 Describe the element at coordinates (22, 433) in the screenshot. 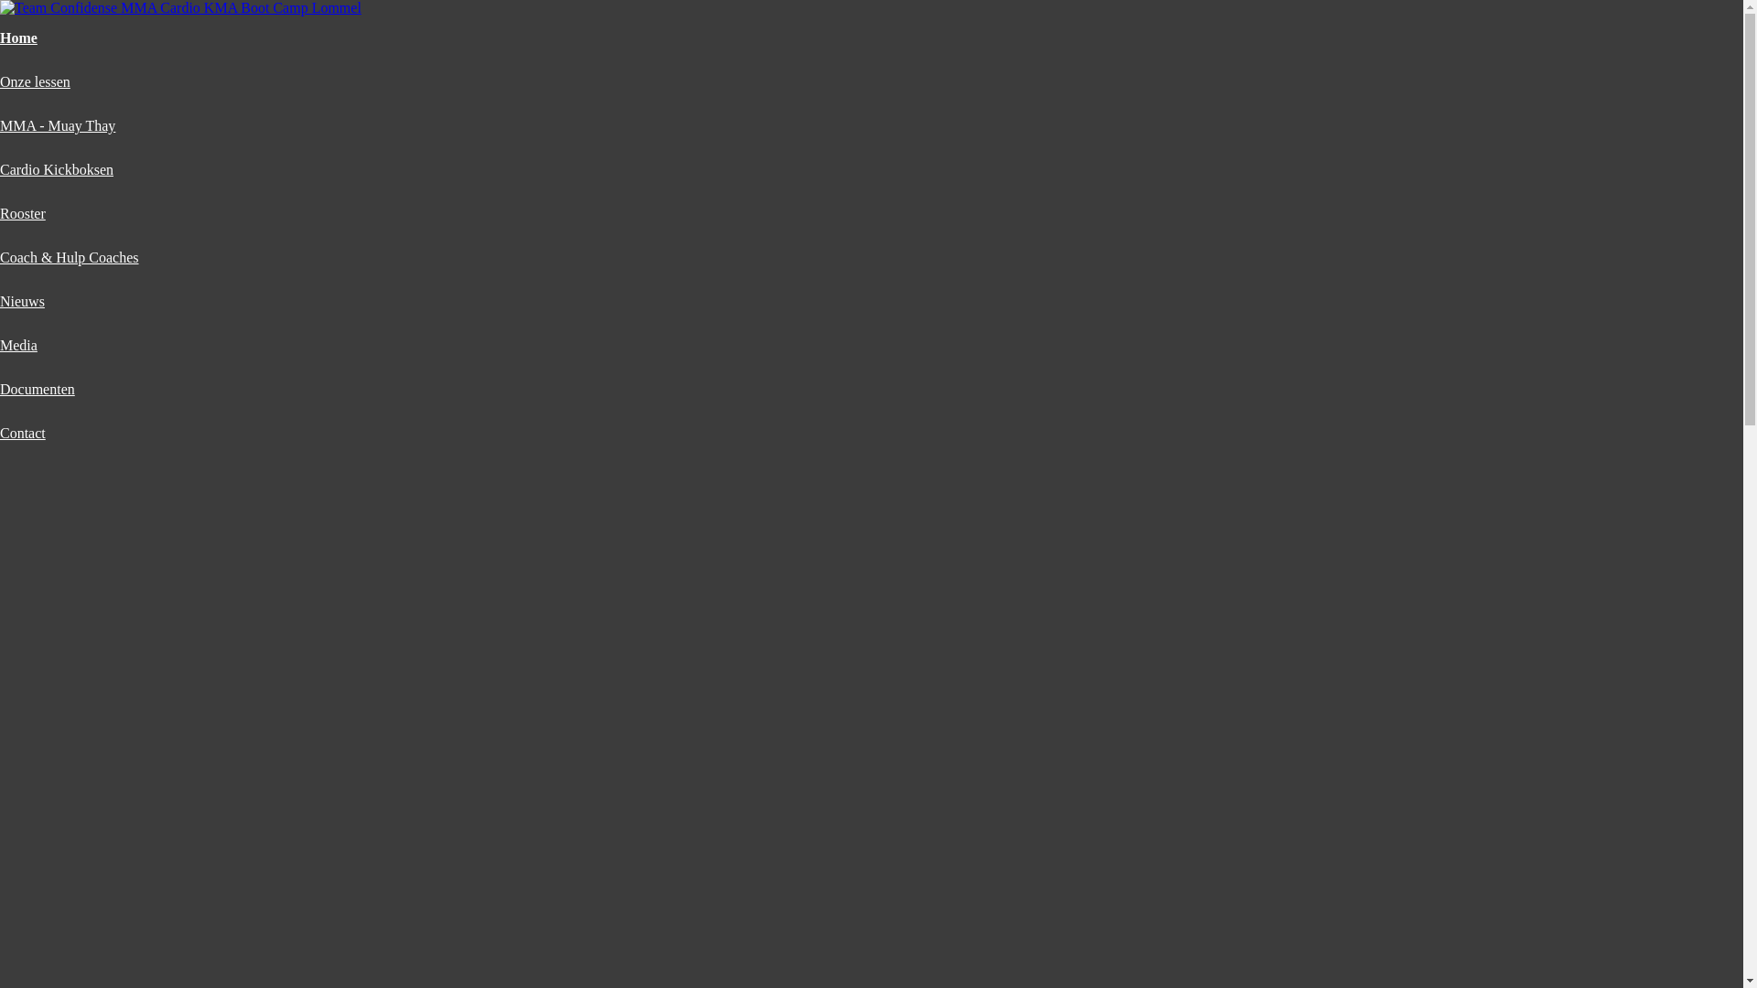

I see `'Contact'` at that location.